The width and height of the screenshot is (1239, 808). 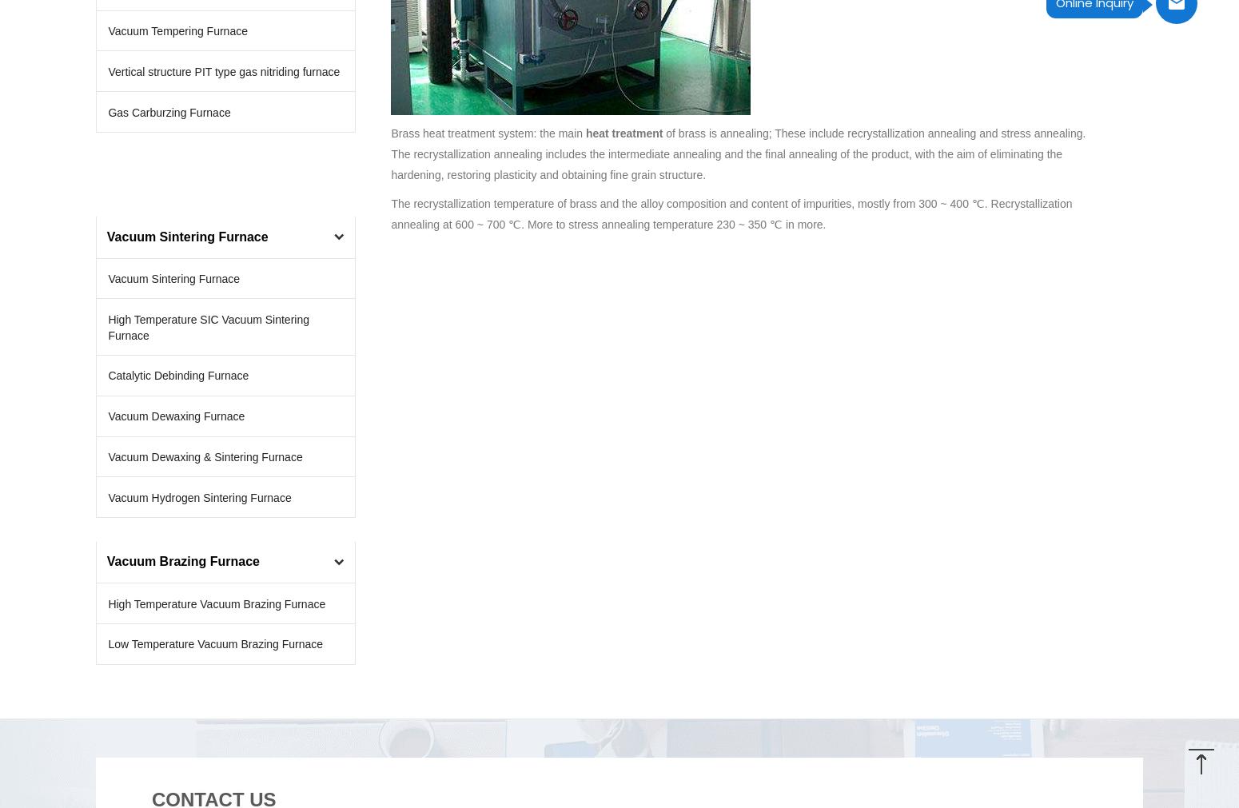 What do you see at coordinates (176, 30) in the screenshot?
I see `'Vacuum Tempering Furnace'` at bounding box center [176, 30].